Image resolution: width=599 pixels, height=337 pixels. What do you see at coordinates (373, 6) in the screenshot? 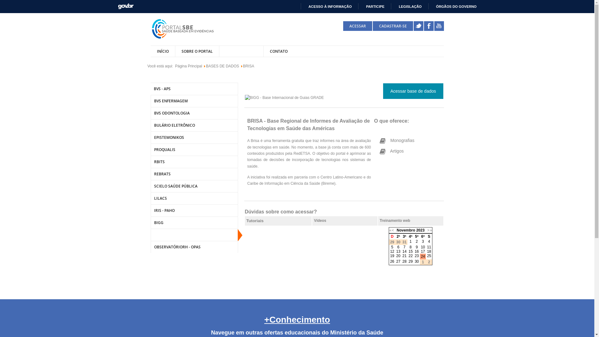
I see `'PARTICIPE'` at bounding box center [373, 6].